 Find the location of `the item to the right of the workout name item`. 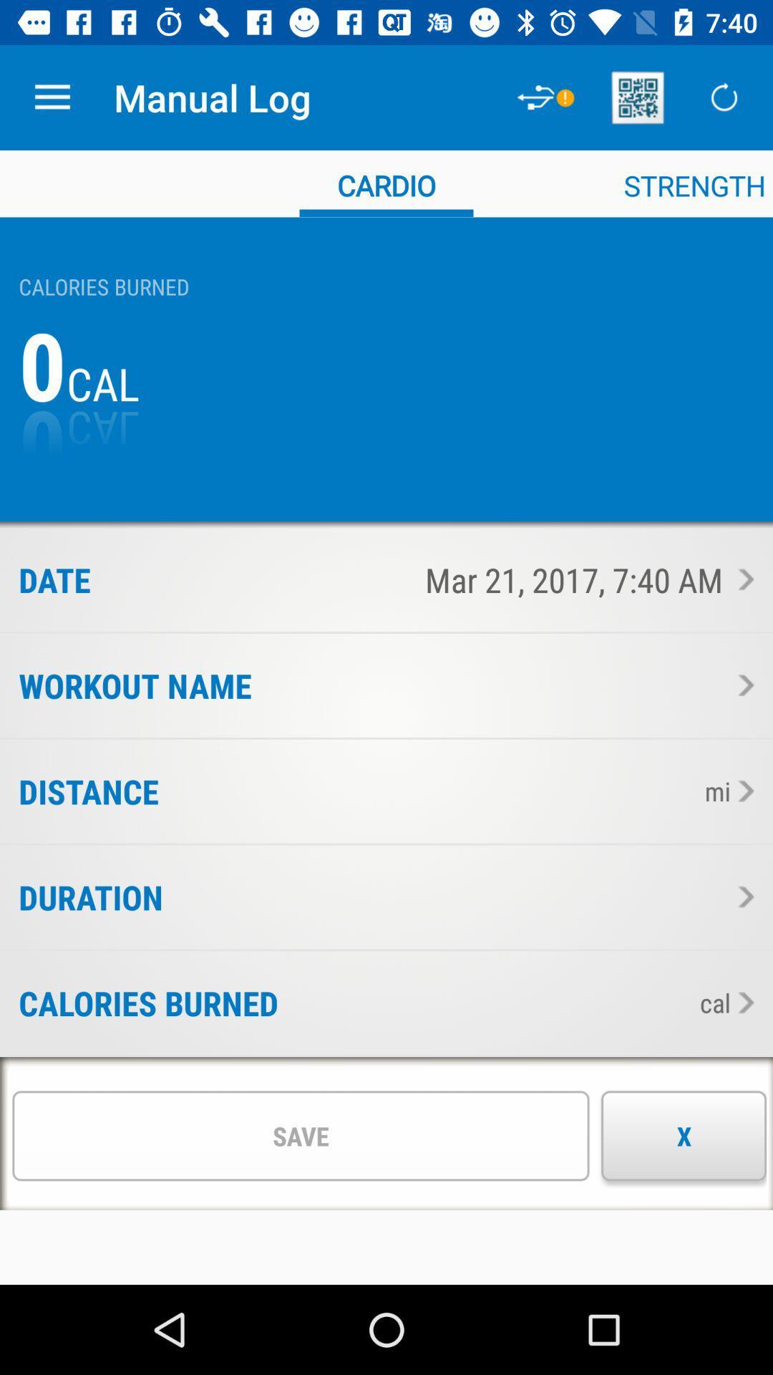

the item to the right of the workout name item is located at coordinates (502, 685).